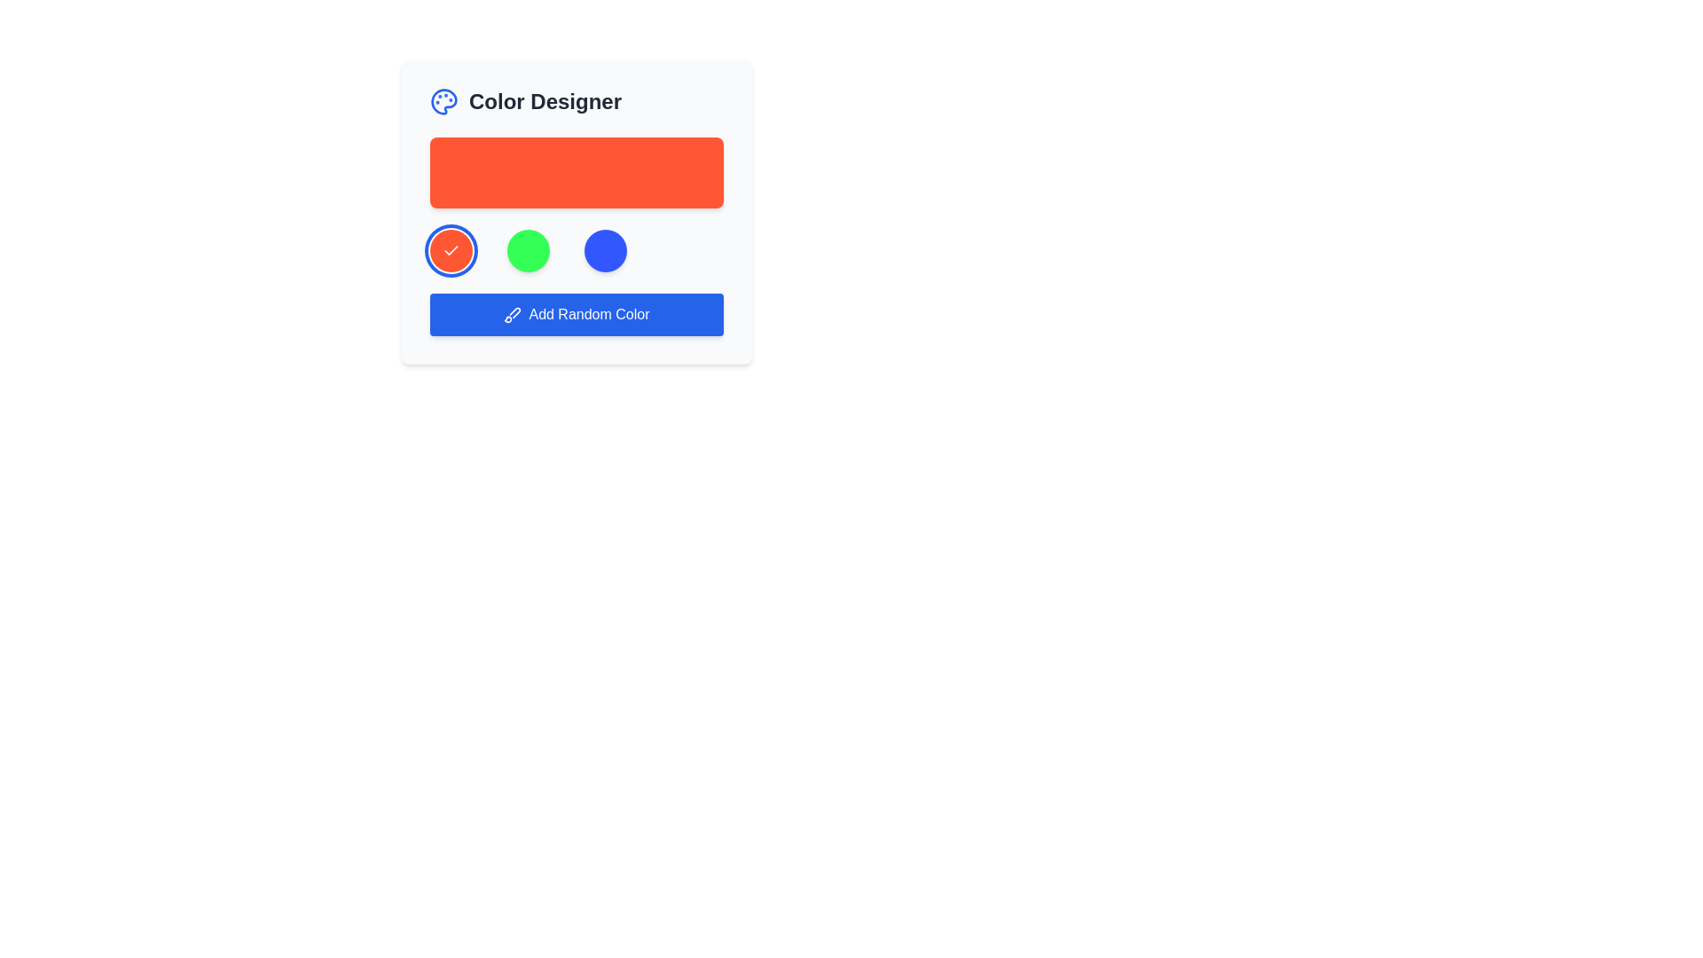 The width and height of the screenshot is (1703, 958). I want to click on the header section displaying the text 'Color Designer', so click(577, 102).